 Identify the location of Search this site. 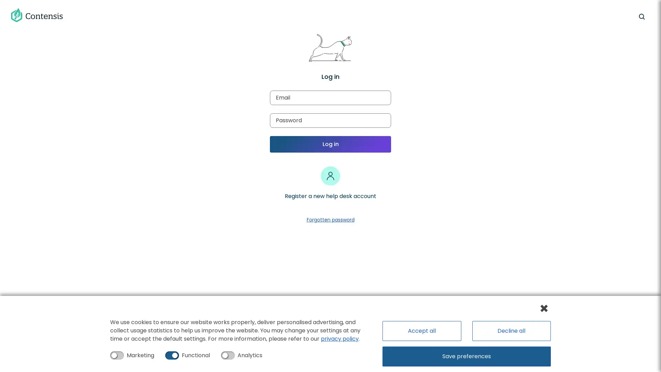
(641, 15).